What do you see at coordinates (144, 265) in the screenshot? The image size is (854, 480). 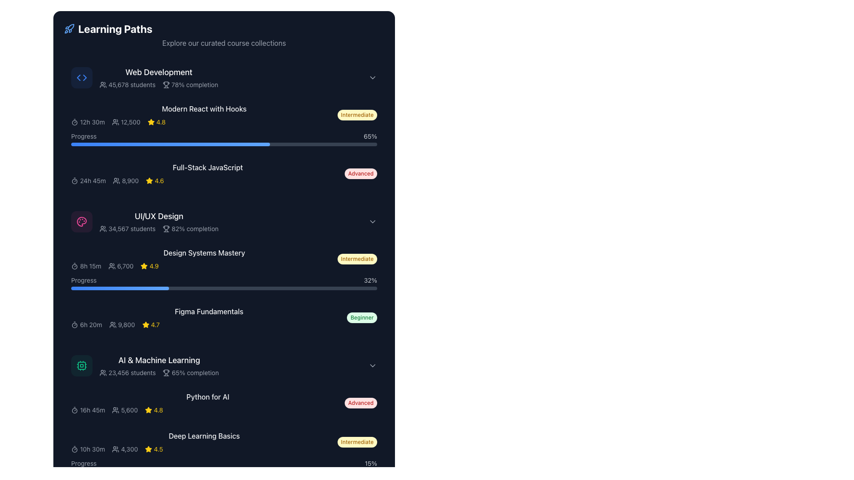 I see `the star-shaped rating indicator icon that signifies the rating for the 'Design Systems Mastery' course, located next to the numeric score '4.9'` at bounding box center [144, 265].